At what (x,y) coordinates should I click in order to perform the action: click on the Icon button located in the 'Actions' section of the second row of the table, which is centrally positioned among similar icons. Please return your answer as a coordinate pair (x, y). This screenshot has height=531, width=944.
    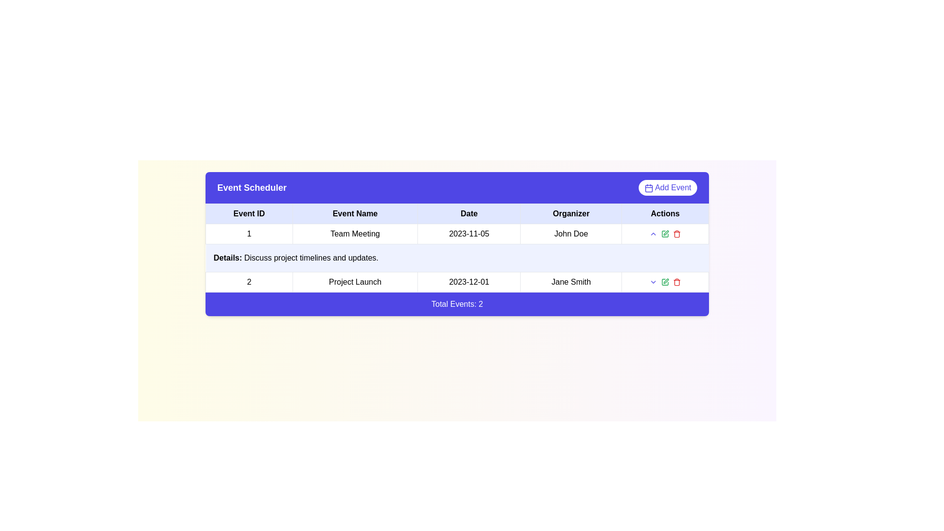
    Looking at the image, I should click on (665, 282).